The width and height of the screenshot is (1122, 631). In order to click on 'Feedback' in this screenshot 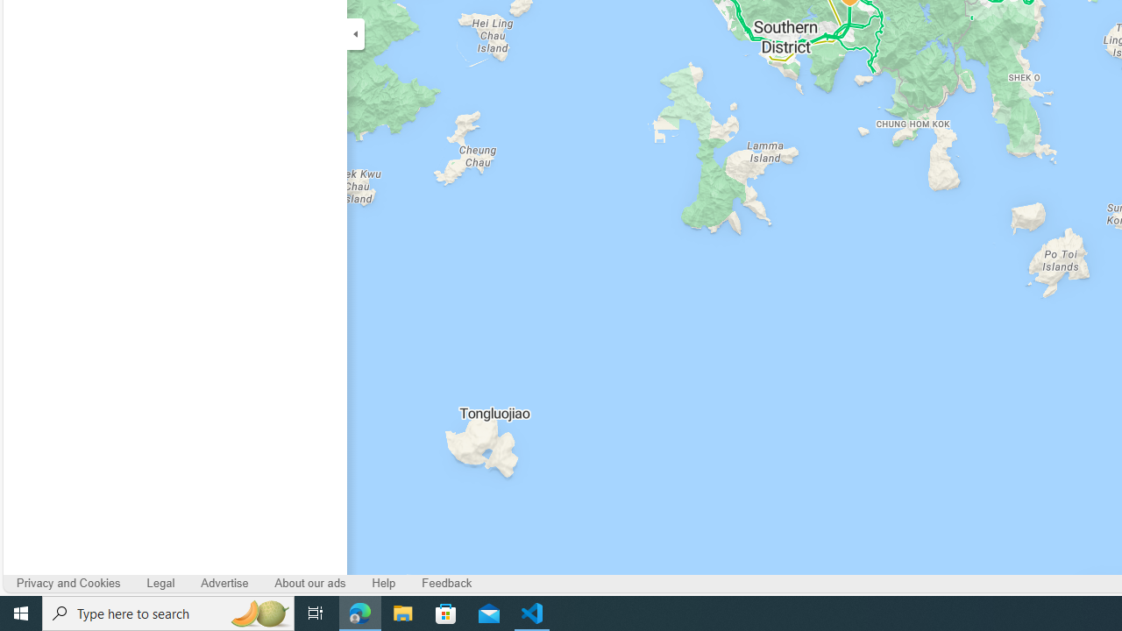, I will do `click(447, 584)`.